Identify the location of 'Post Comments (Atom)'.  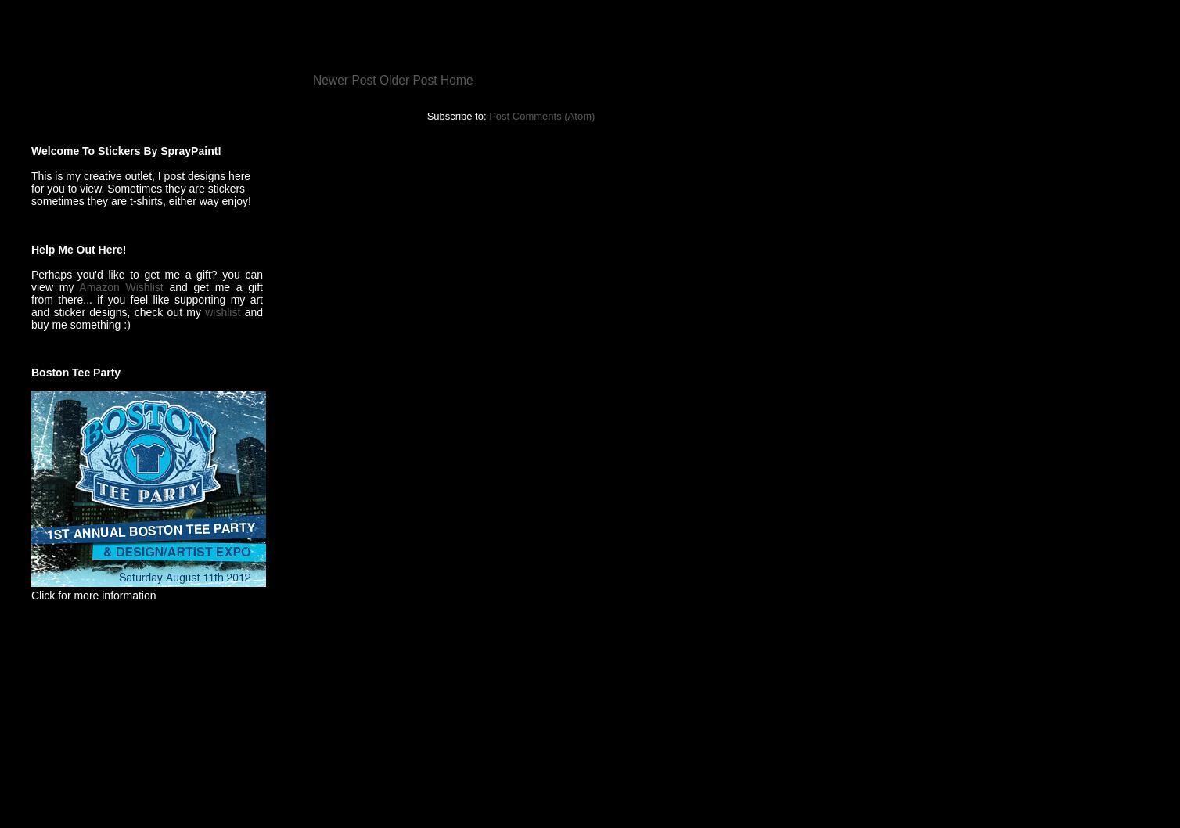
(488, 114).